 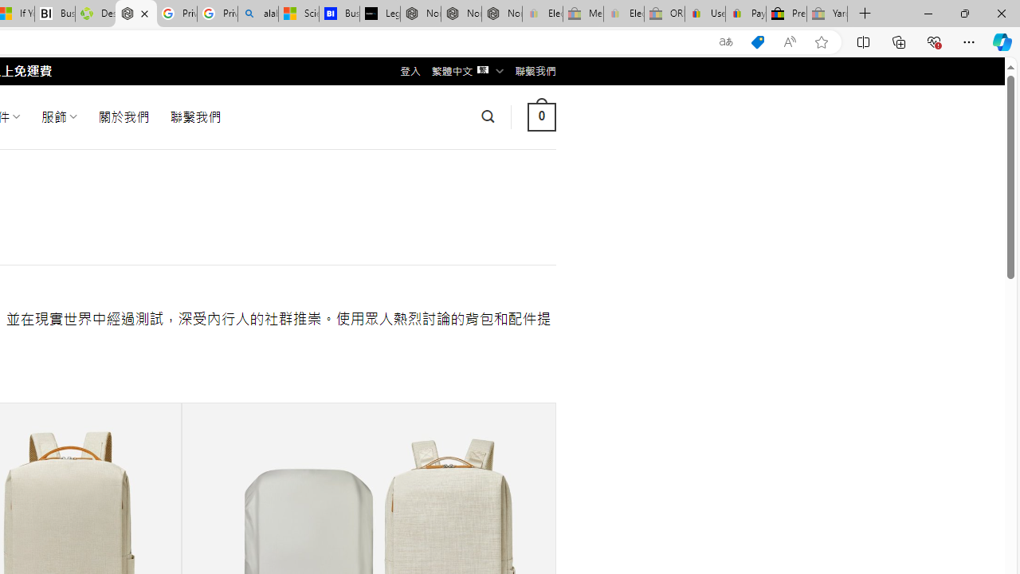 What do you see at coordinates (745, 14) in the screenshot?
I see `'Payments Terms of Use | eBay.com'` at bounding box center [745, 14].